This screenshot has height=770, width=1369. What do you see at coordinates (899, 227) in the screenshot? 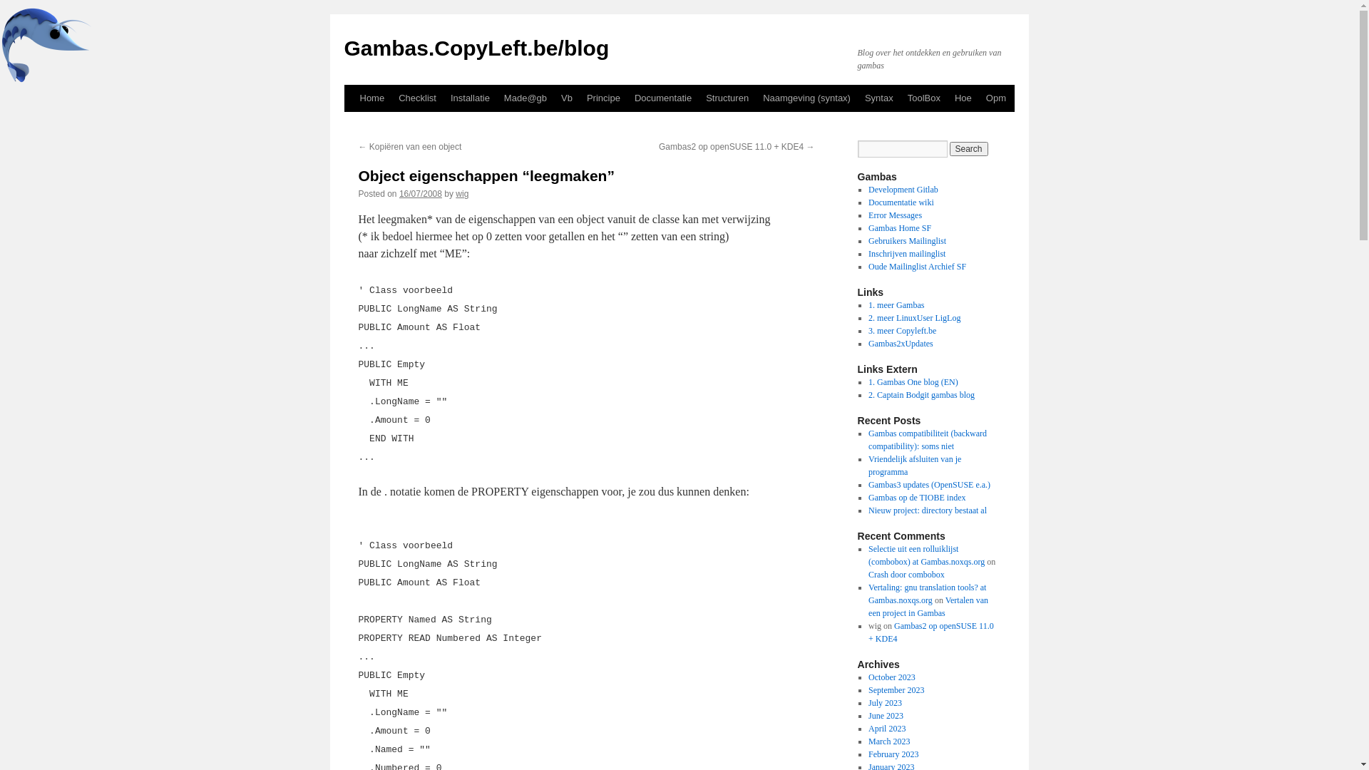
I see `'Gambas Home SF'` at bounding box center [899, 227].